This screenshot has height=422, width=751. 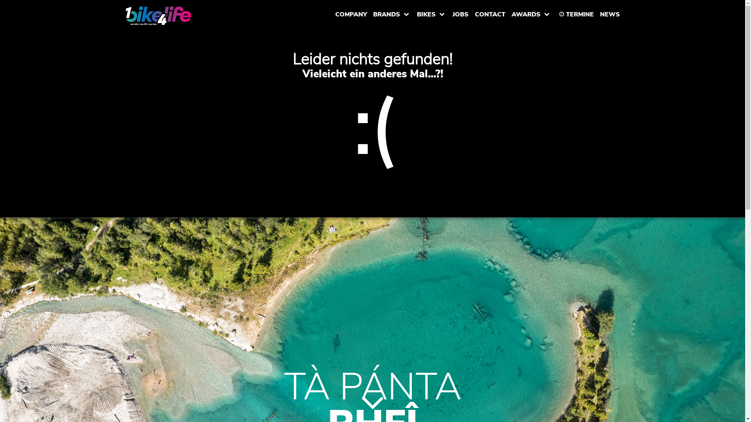 What do you see at coordinates (489, 14) in the screenshot?
I see `'CONTACT'` at bounding box center [489, 14].